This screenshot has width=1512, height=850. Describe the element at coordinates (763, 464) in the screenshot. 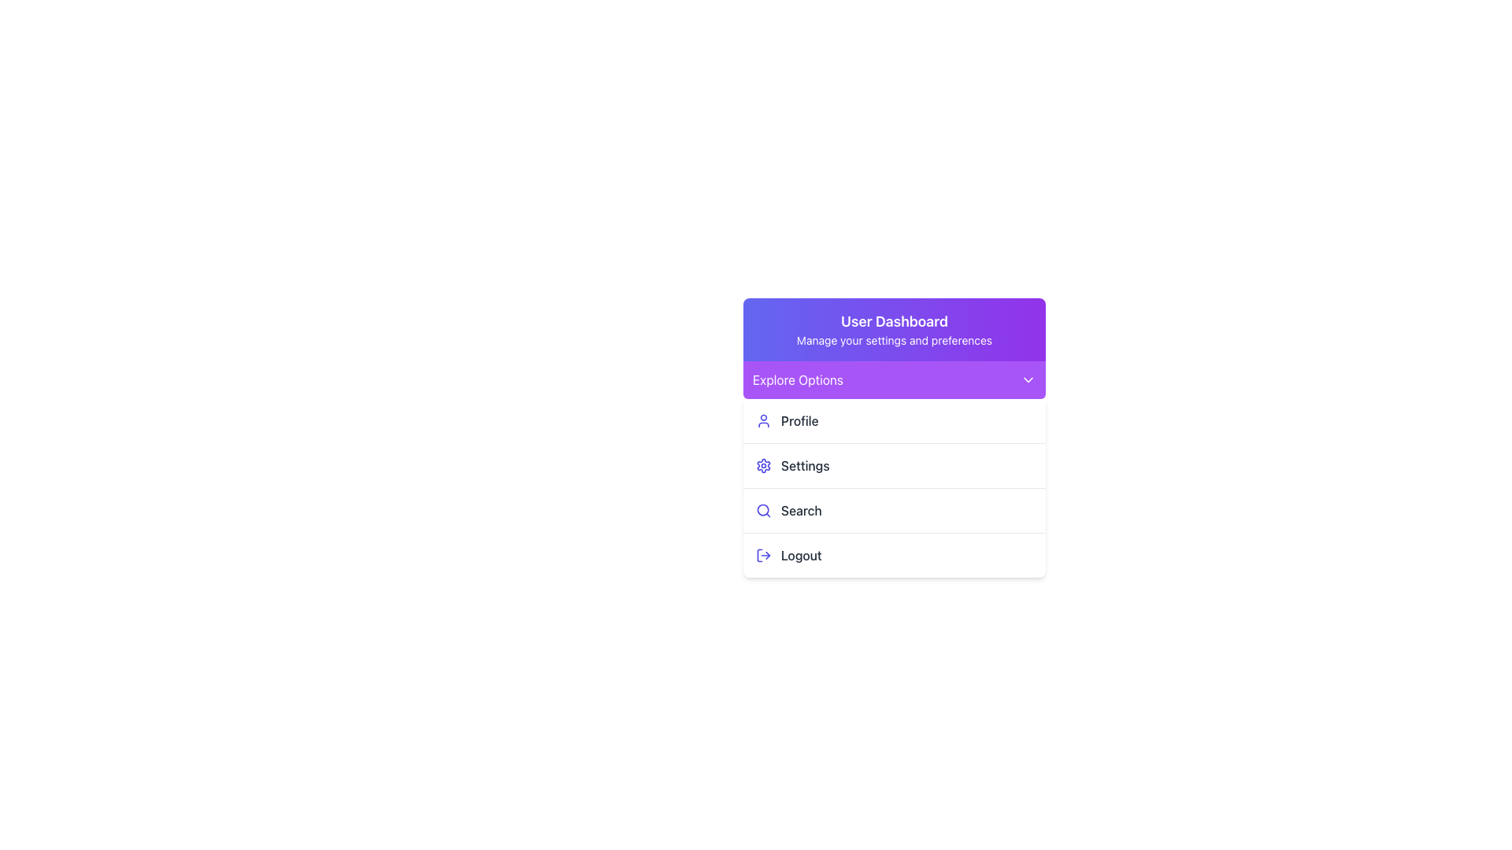

I see `the cogwheel icon representing the settings symbol in the 'Explore Options' dropdown menu` at that location.